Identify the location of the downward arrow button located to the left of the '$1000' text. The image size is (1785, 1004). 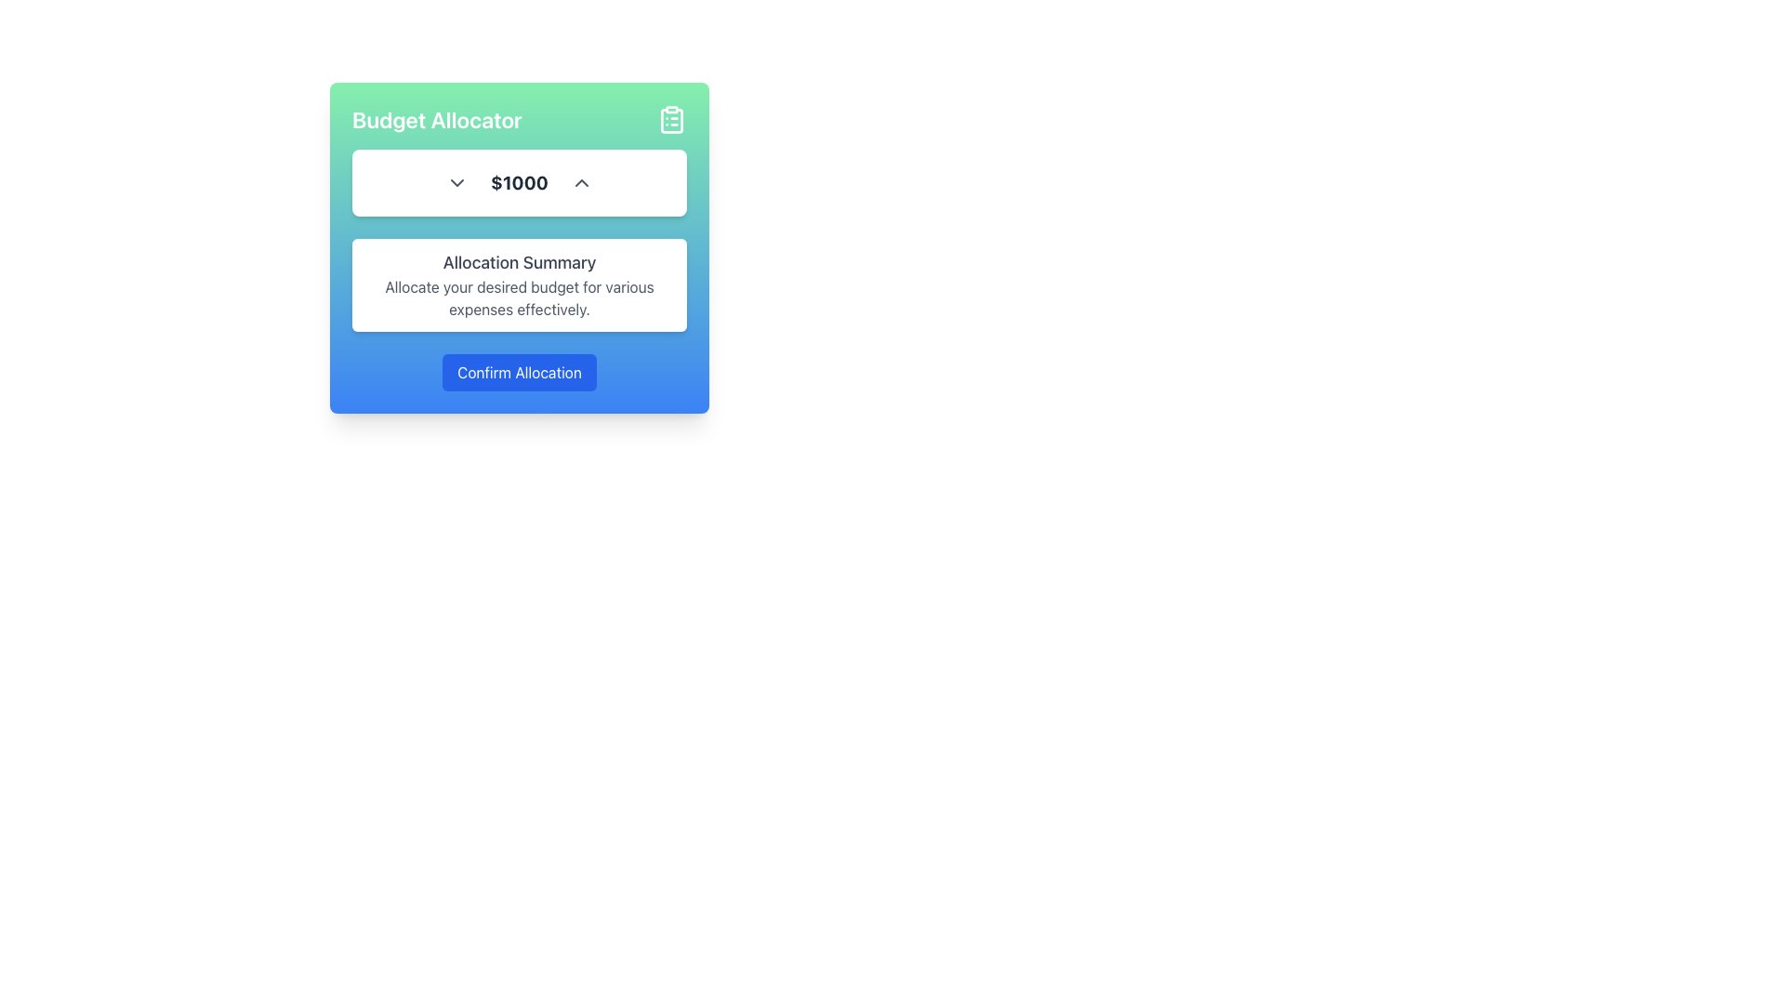
(457, 182).